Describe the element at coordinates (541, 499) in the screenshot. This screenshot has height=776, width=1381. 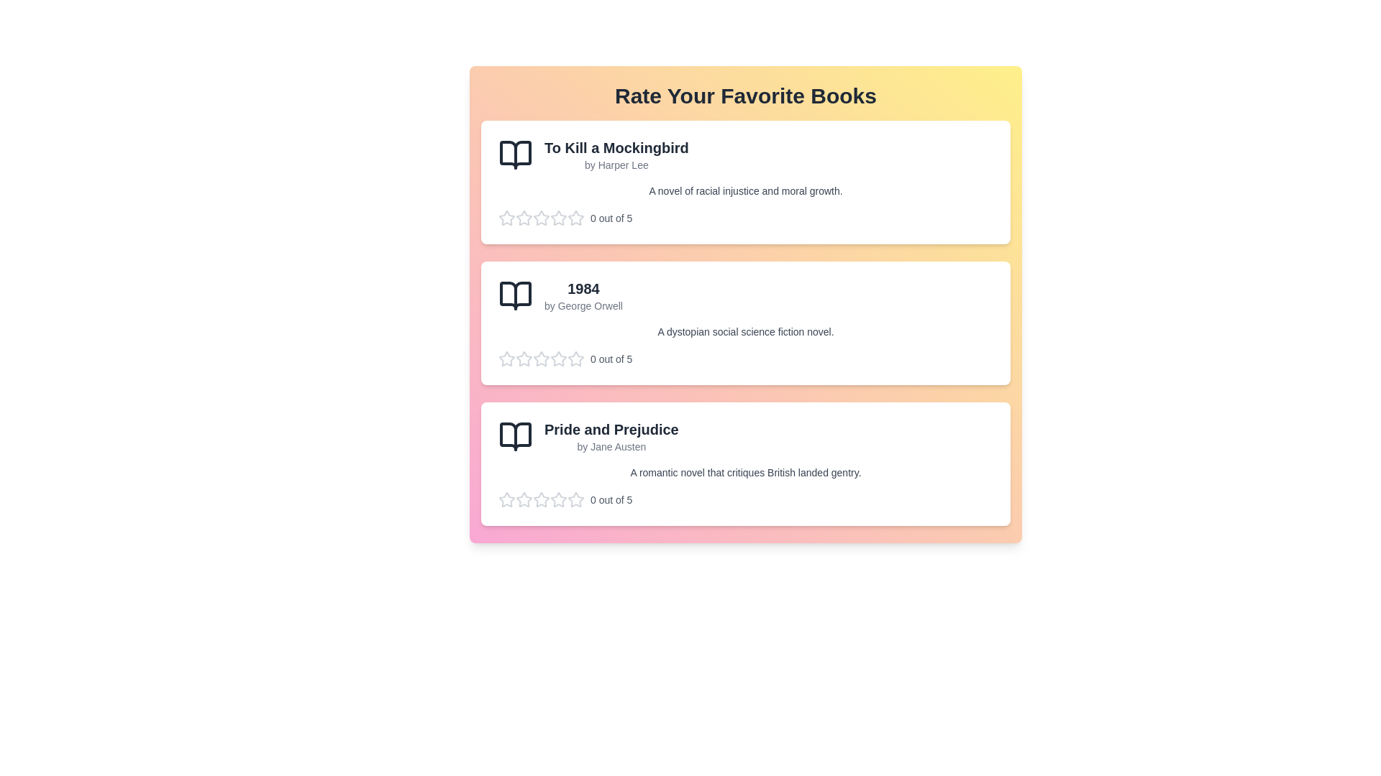
I see `the fourth star icon in the rating system for the book 'Pride and Prejudice', which is located below the title and indicates a rating option` at that location.